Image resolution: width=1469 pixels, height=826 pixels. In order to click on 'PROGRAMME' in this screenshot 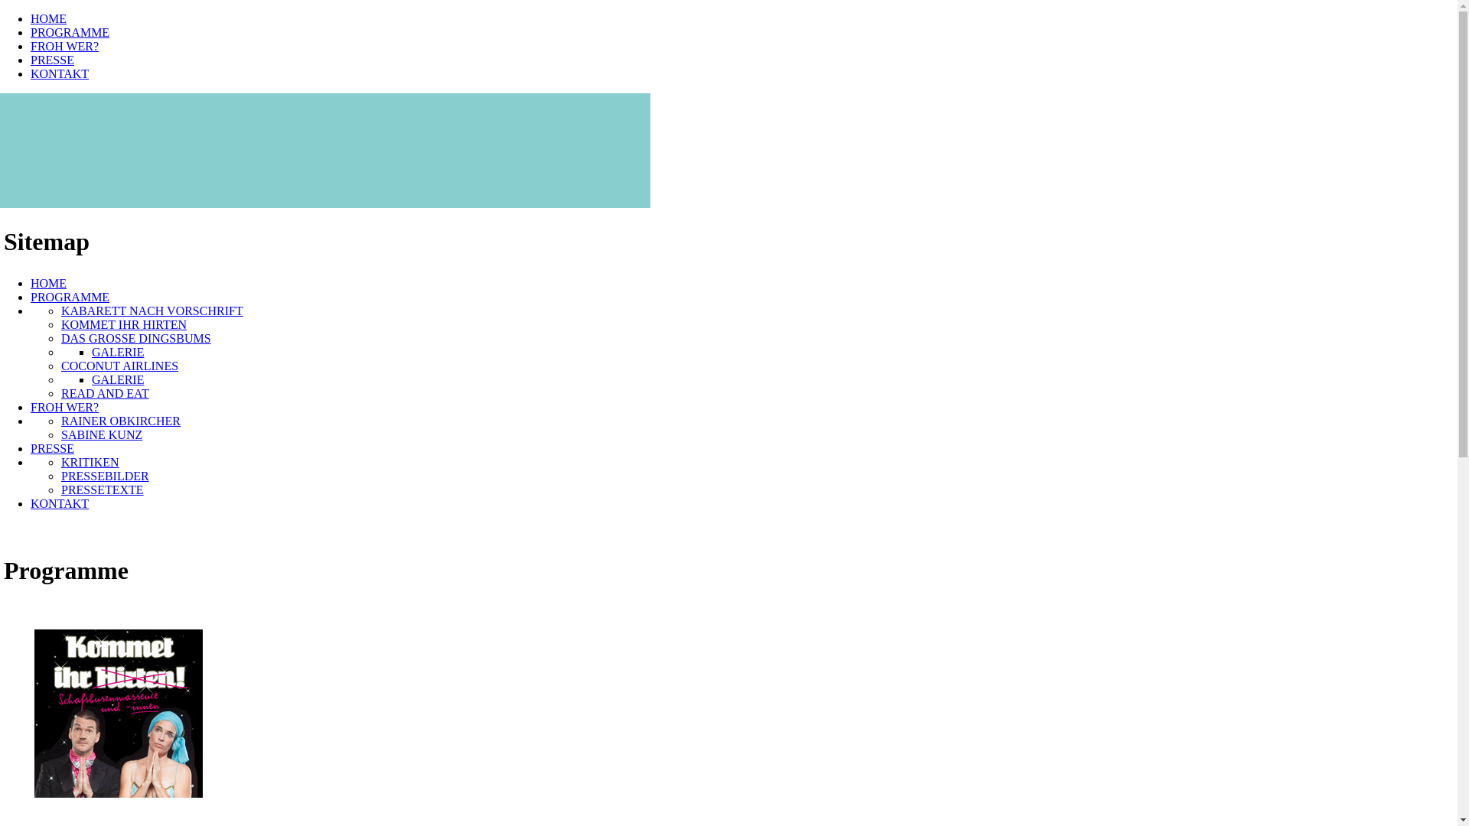, I will do `click(69, 32)`.